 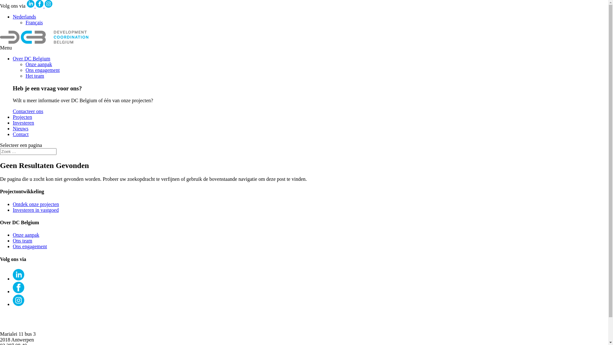 I want to click on 'Instagram', so click(x=18, y=304).